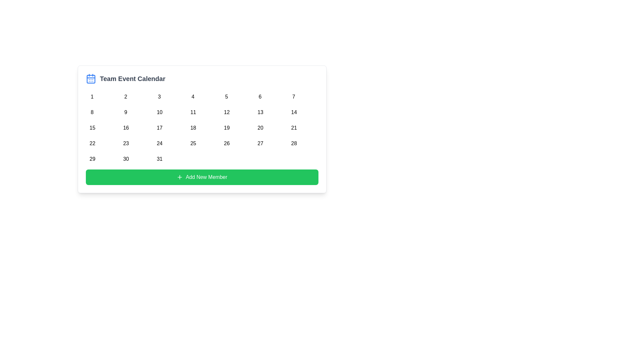 This screenshot has width=622, height=350. Describe the element at coordinates (132, 78) in the screenshot. I see `the 'Team Event Calendar' text label, which serves as a descriptive header and is positioned immediately to the right of a blue calendar icon` at that location.